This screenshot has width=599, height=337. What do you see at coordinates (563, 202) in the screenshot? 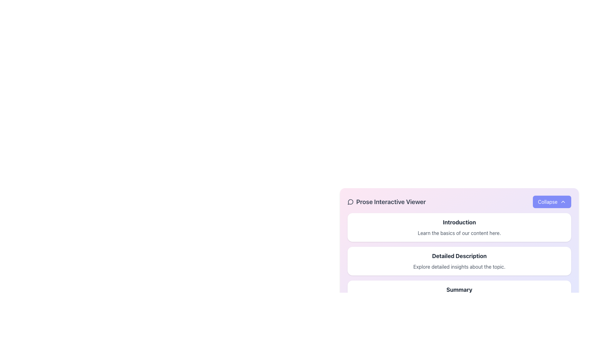
I see `the chevron icon located inside the 'Collapse' button, adjacent to the text 'Collapse' to indicate a collapse action` at bounding box center [563, 202].